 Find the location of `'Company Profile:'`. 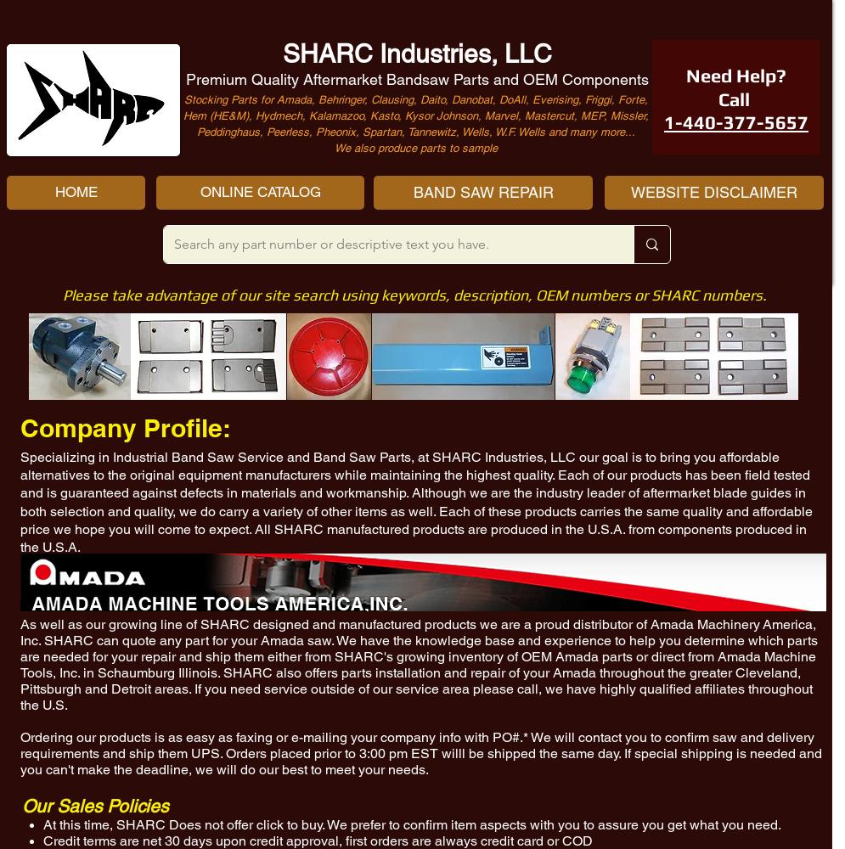

'Company Profile:' is located at coordinates (20, 428).